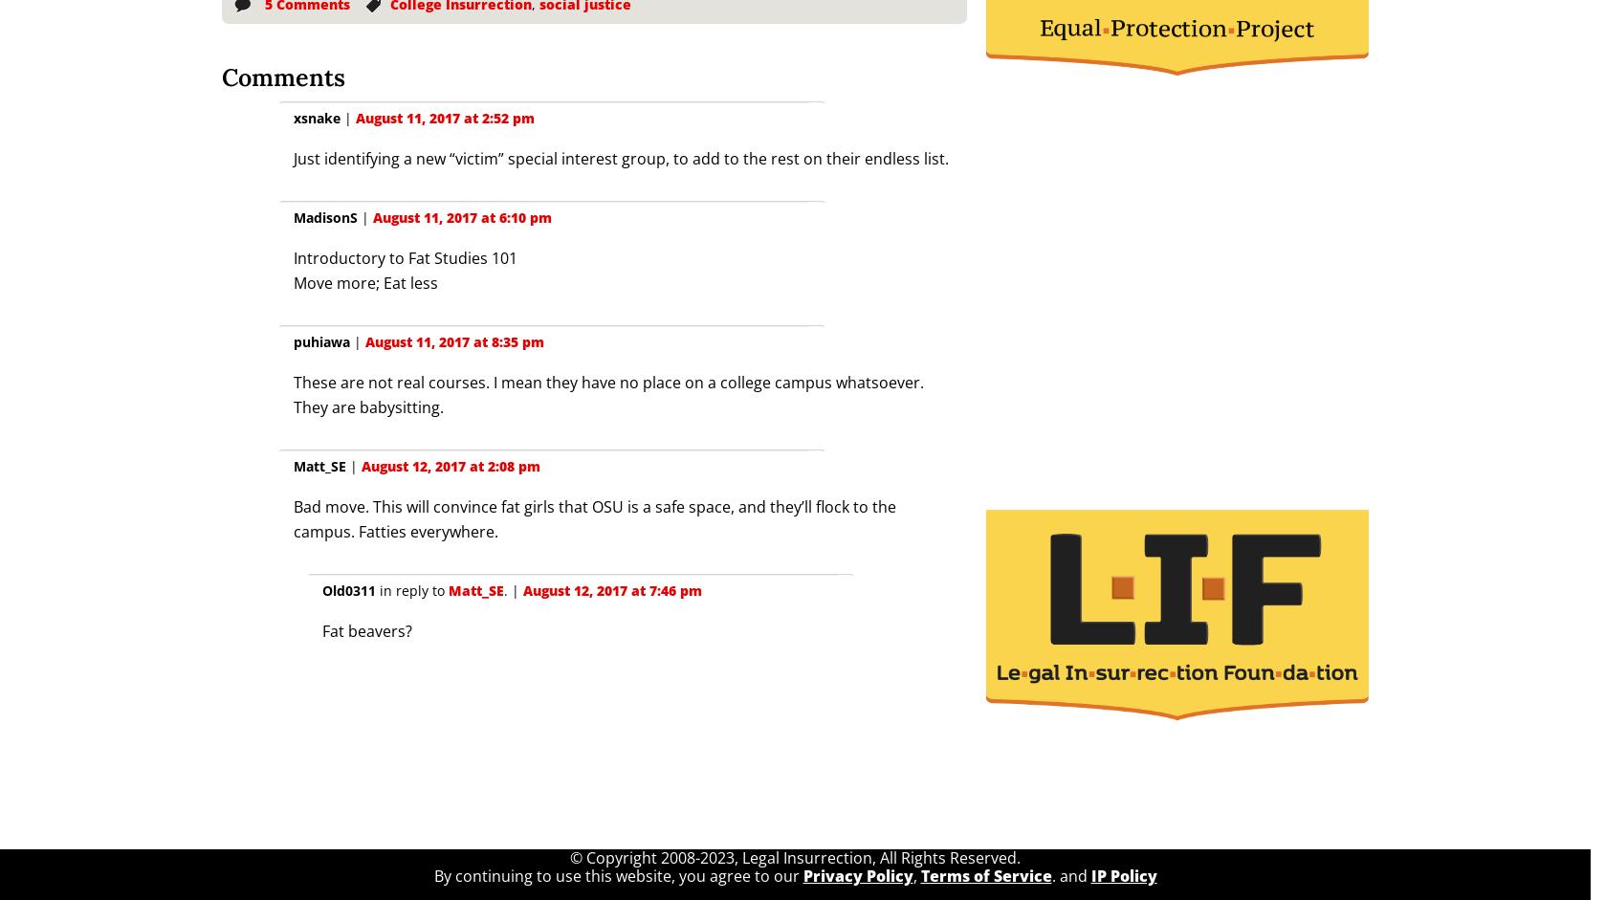  What do you see at coordinates (606, 394) in the screenshot?
I see `'These are not real courses. I mean they have no place on a college campus whatsoever. They are babysitting.'` at bounding box center [606, 394].